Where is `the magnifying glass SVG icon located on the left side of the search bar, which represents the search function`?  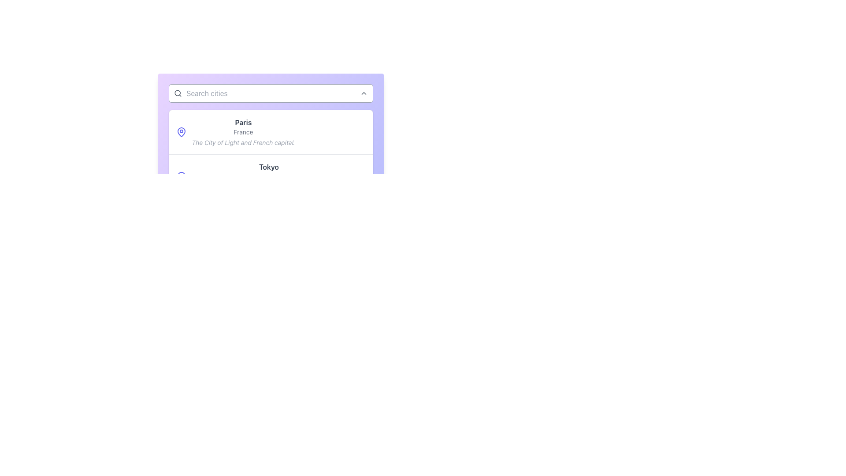 the magnifying glass SVG icon located on the left side of the search bar, which represents the search function is located at coordinates (177, 93).